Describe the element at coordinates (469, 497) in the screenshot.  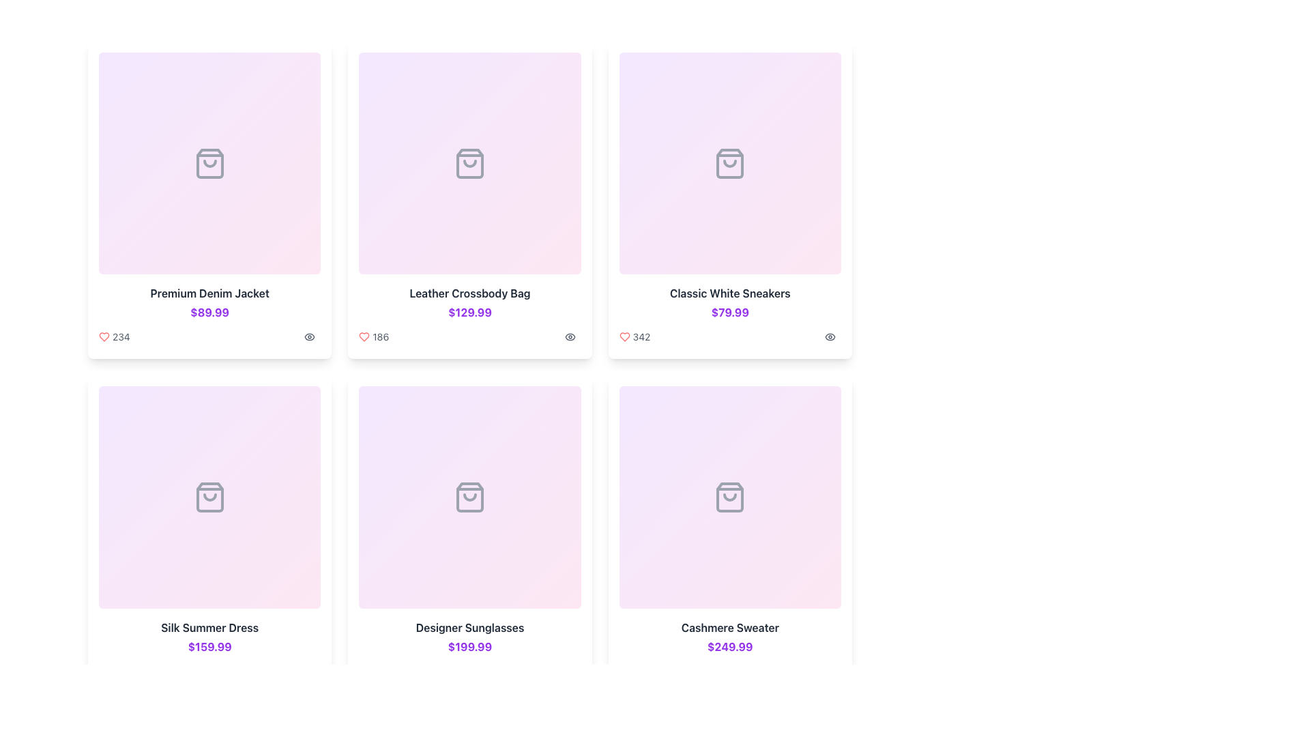
I see `the curved line at the top-center of the shopping bag icon, which is part of the SVG graphic located above the 'Leather Crossbody Bag' text block` at that location.